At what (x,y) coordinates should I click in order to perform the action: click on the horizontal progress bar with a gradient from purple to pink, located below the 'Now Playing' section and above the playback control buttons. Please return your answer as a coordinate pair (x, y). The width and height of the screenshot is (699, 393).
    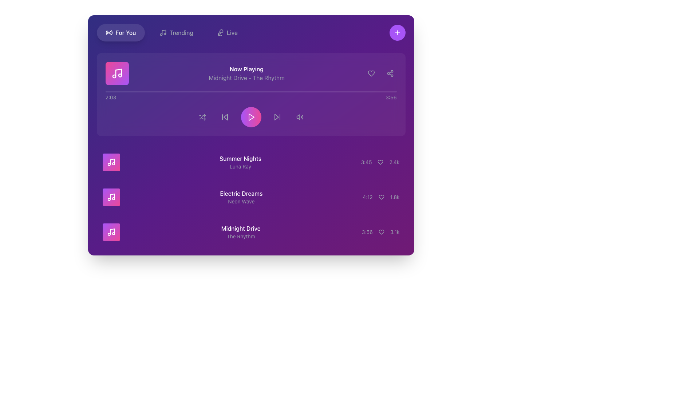
    Looking at the image, I should click on (251, 91).